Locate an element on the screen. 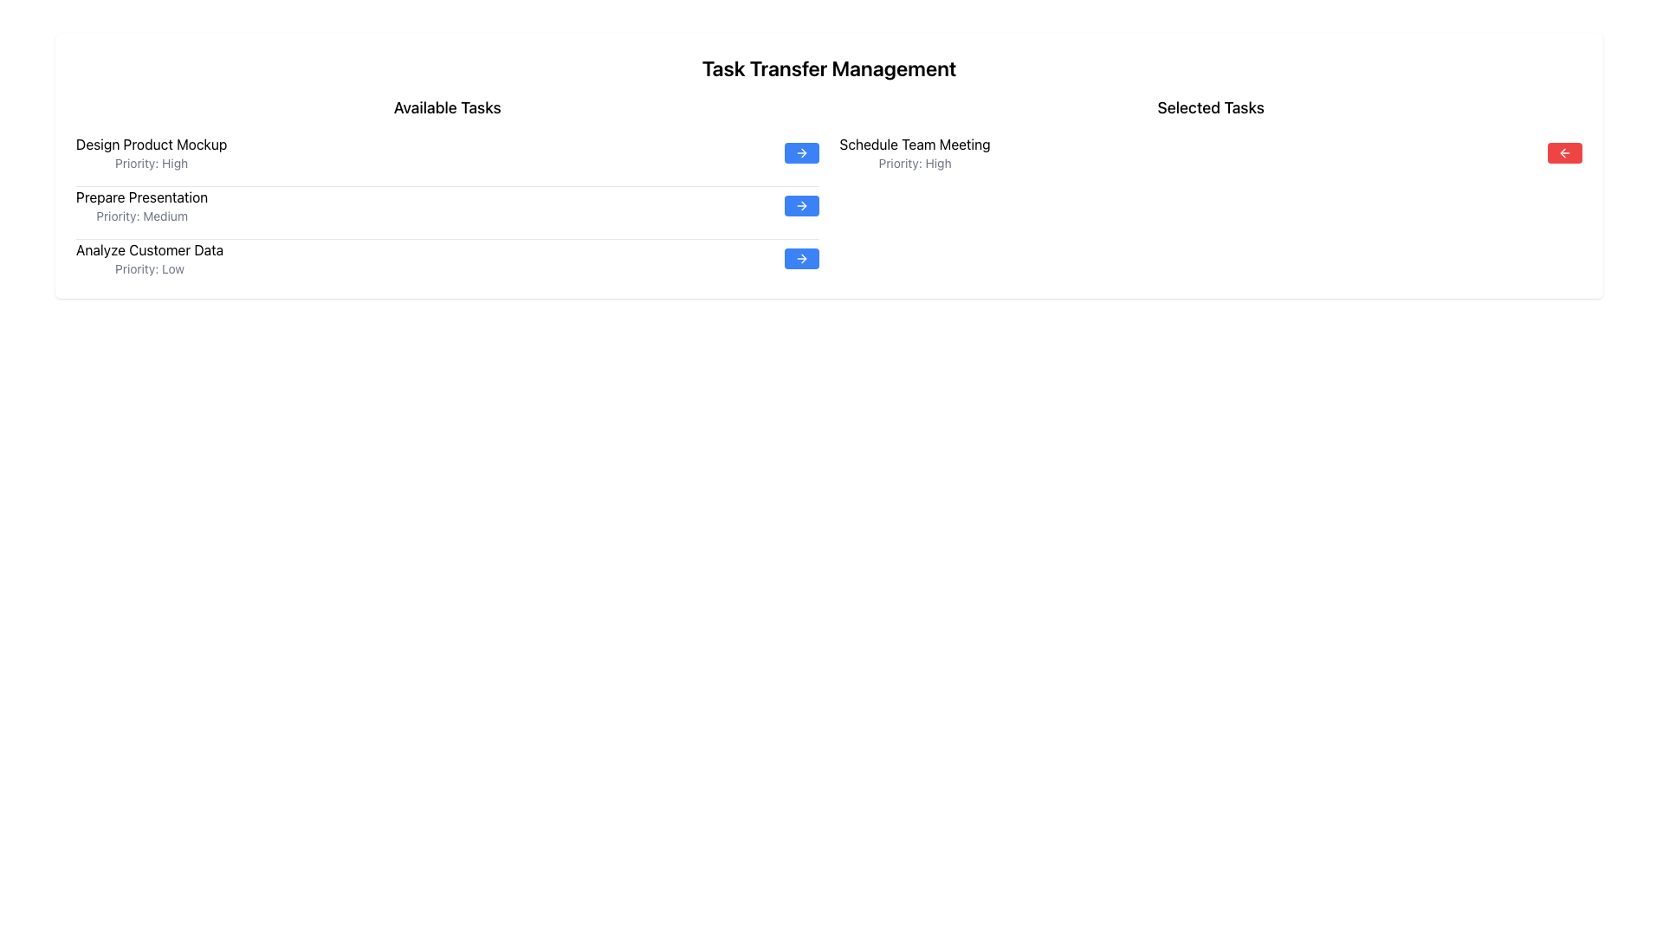  priority value from the text label displaying 'Priority: High', which is styled in a smaller, lighter gray font and located beneath the 'Design Product Mockup' title in the 'Available Tasks' section is located at coordinates (152, 164).